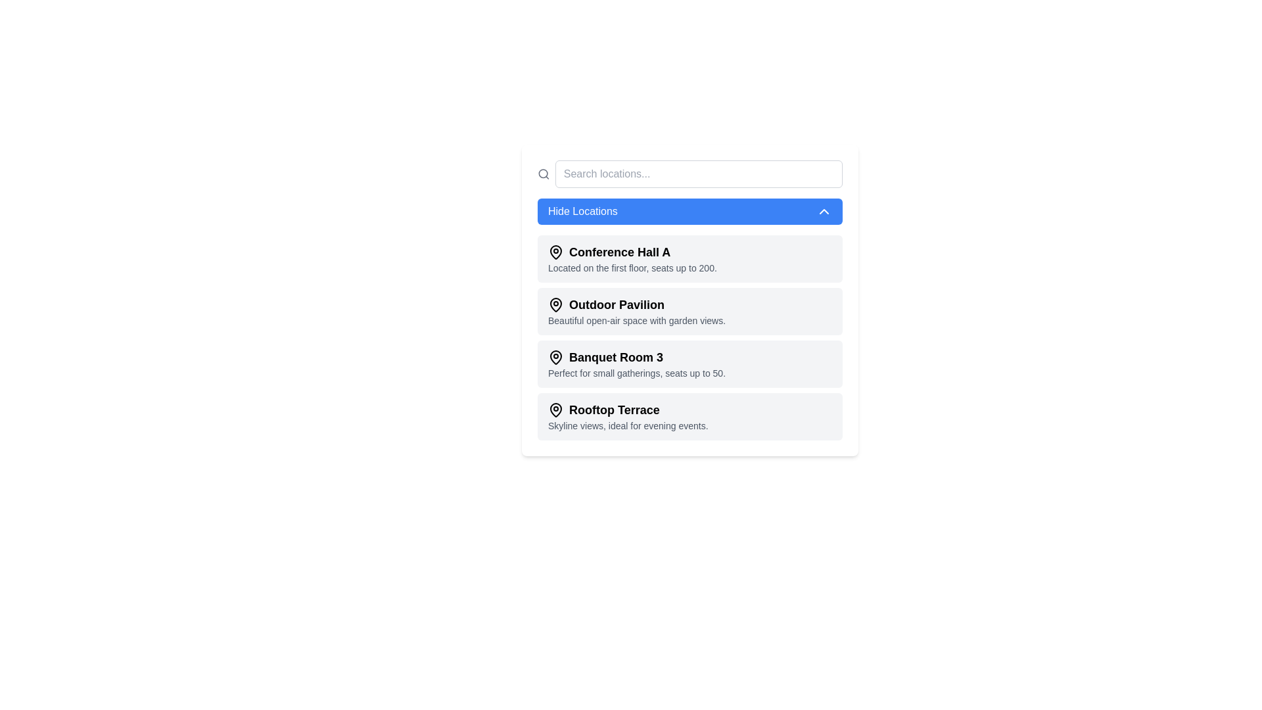  I want to click on to select the location item labeled 'Rooftop Terrace' with accompanying map pin icon, positioned as the fourth item in the vertical list of location options, so click(627, 416).